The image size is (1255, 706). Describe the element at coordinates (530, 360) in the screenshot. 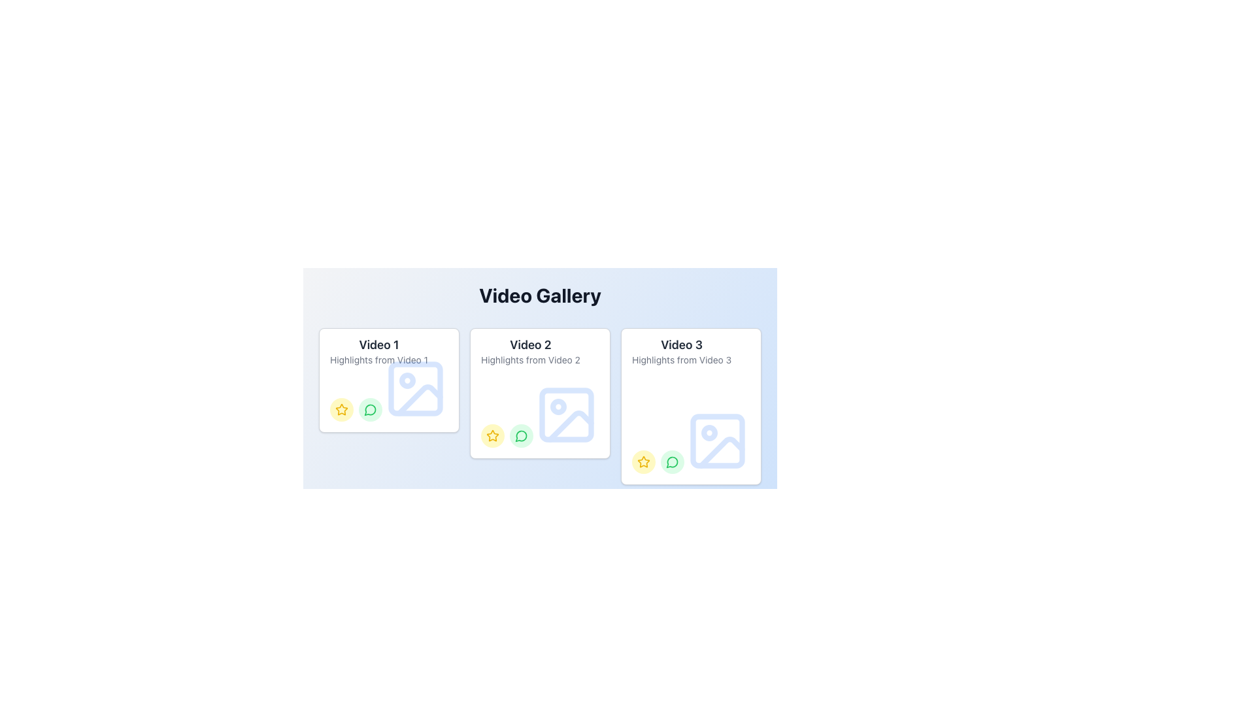

I see `the text label that provides additional context about 'Video 2', positioned directly beneath the heading 'Video 2' within its card` at that location.